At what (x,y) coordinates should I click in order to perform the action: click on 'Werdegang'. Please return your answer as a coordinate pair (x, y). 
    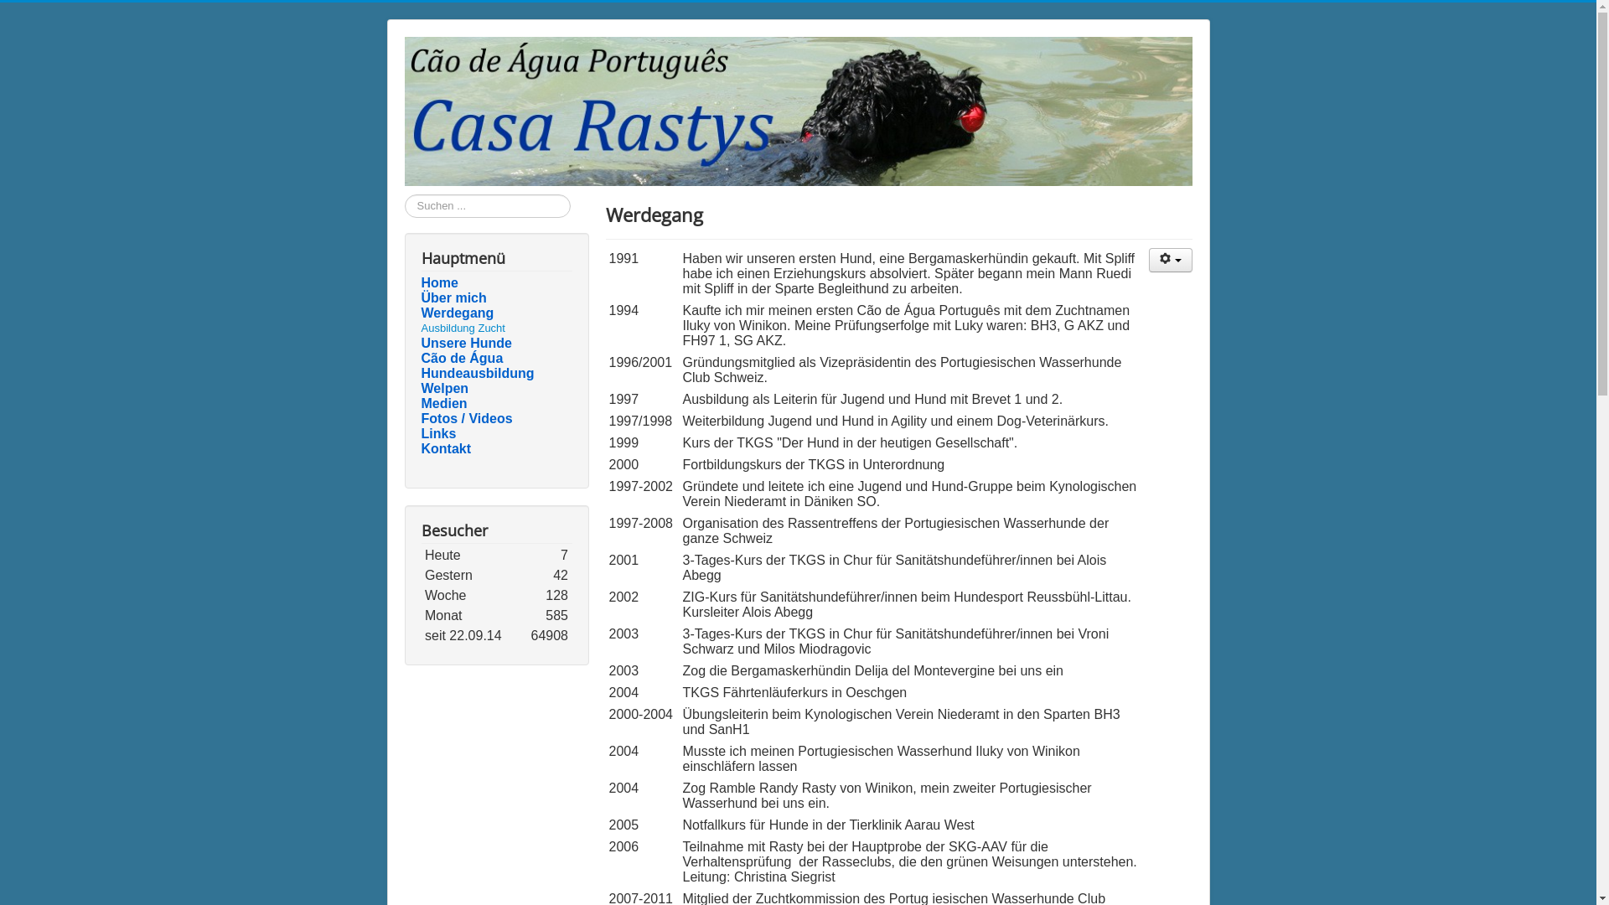
    Looking at the image, I should click on (494, 313).